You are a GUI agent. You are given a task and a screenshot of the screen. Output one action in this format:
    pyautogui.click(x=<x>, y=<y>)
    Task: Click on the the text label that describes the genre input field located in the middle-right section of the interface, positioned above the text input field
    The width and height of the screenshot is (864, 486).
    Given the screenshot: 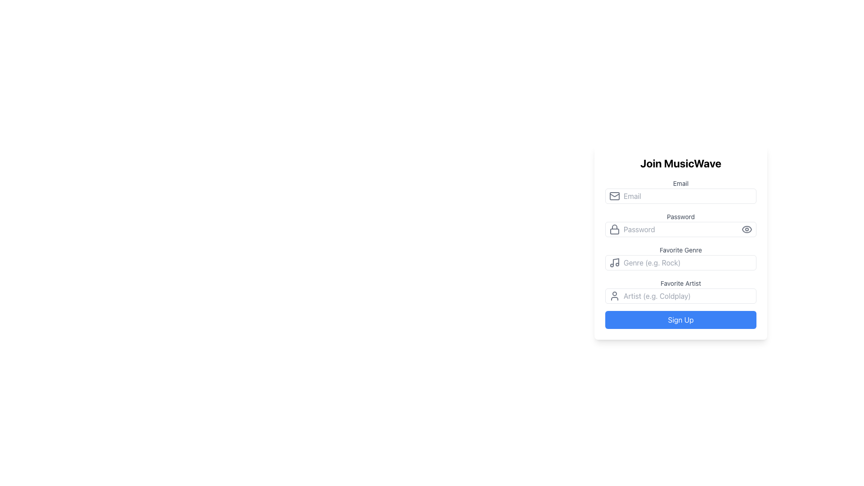 What is the action you would take?
    pyautogui.click(x=680, y=250)
    